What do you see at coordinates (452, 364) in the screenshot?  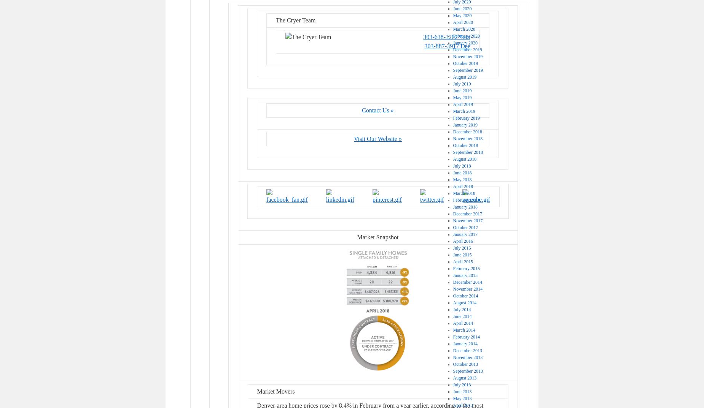 I see `'October 2013'` at bounding box center [452, 364].